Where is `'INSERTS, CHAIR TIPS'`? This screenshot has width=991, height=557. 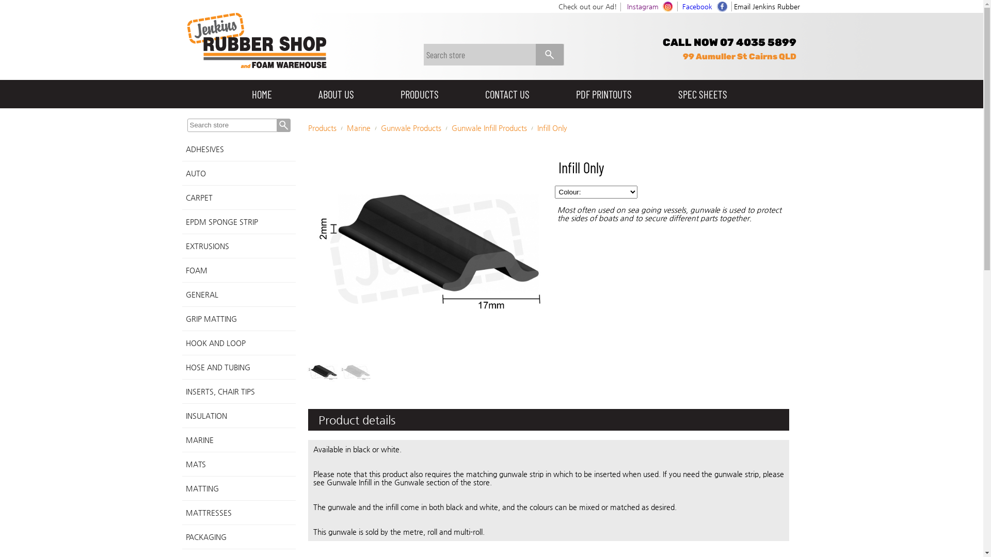 'INSERTS, CHAIR TIPS' is located at coordinates (237, 391).